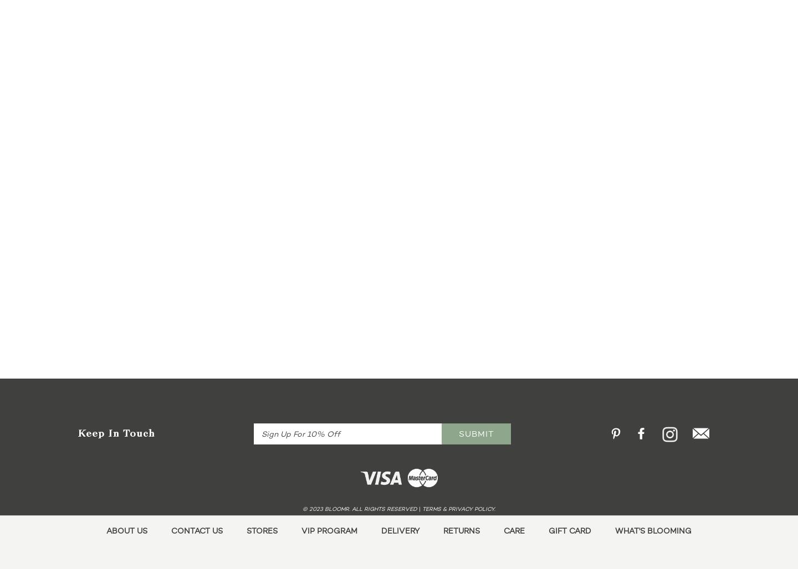  What do you see at coordinates (384, 508) in the screenshot?
I see `'. All Rights Reserved'` at bounding box center [384, 508].